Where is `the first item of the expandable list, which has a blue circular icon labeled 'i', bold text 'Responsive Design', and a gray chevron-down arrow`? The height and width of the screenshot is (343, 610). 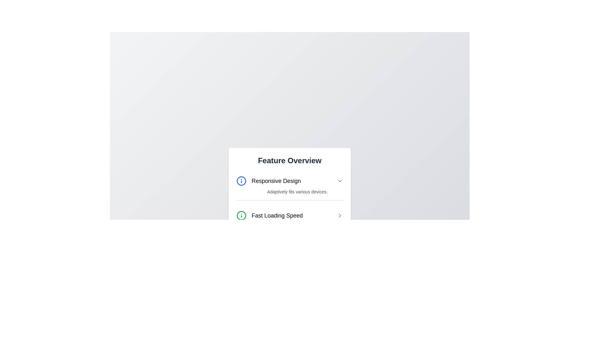
the first item of the expandable list, which has a blue circular icon labeled 'i', bold text 'Responsive Design', and a gray chevron-down arrow is located at coordinates (289, 181).